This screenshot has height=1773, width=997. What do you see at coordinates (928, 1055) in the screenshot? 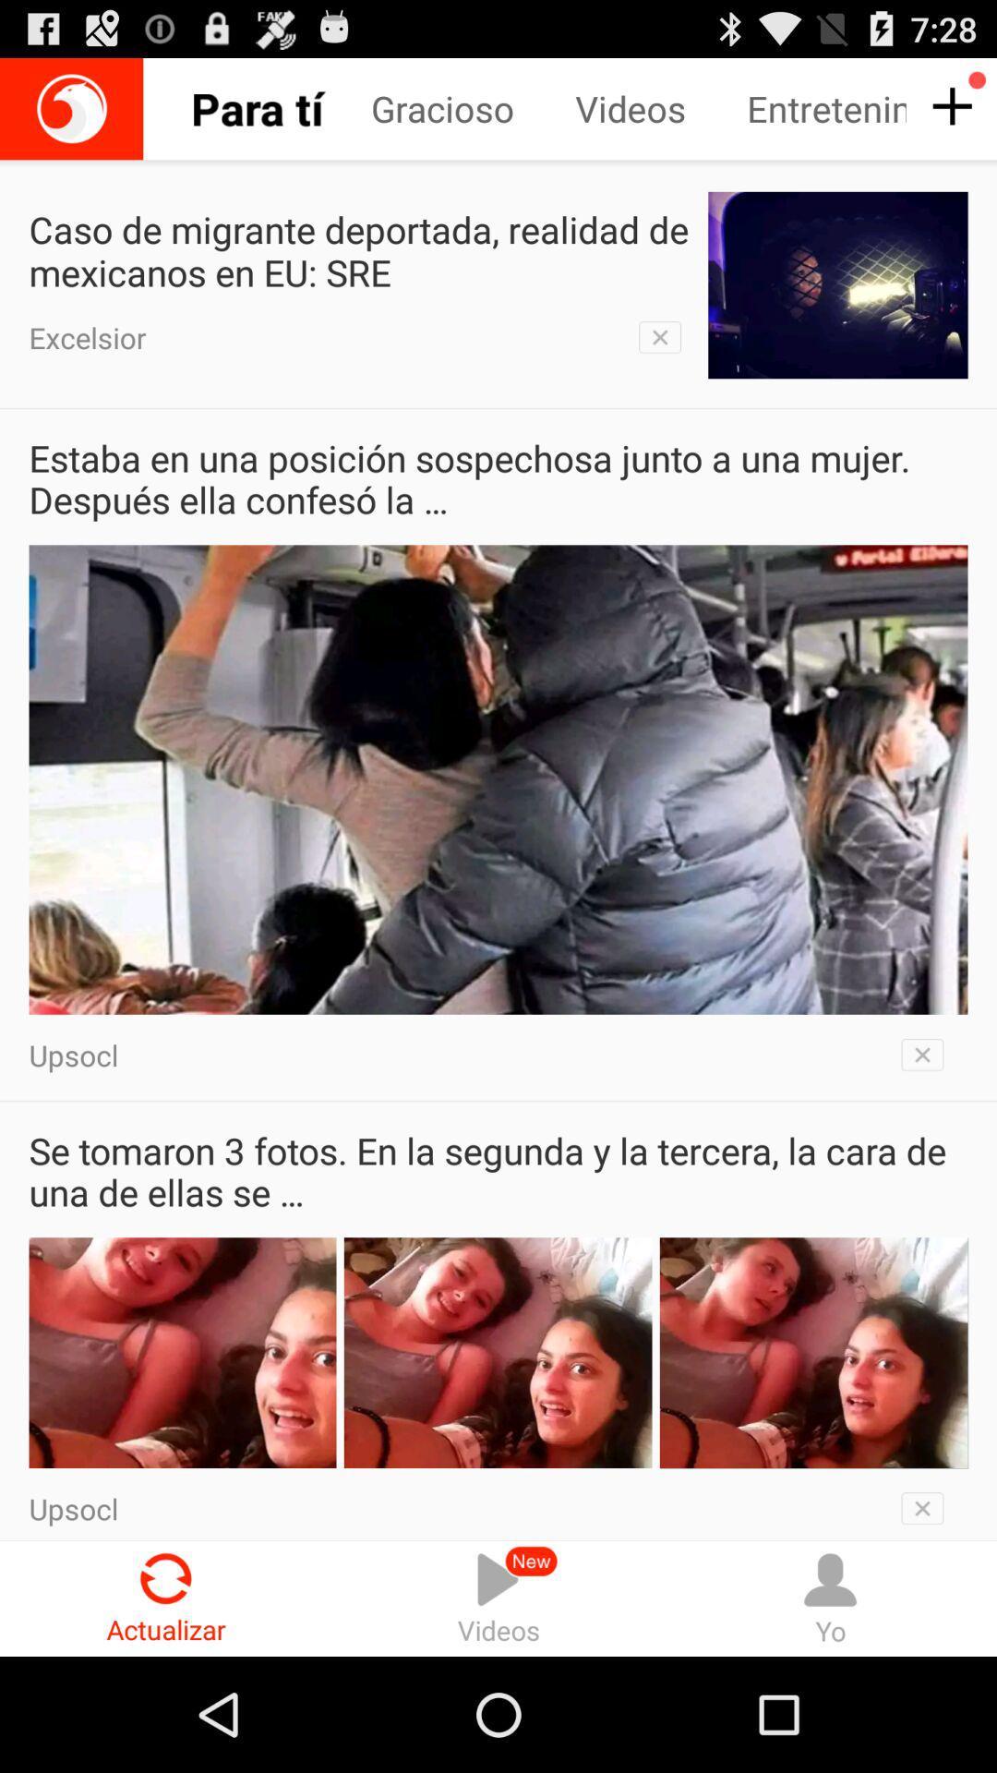
I see `image` at bounding box center [928, 1055].